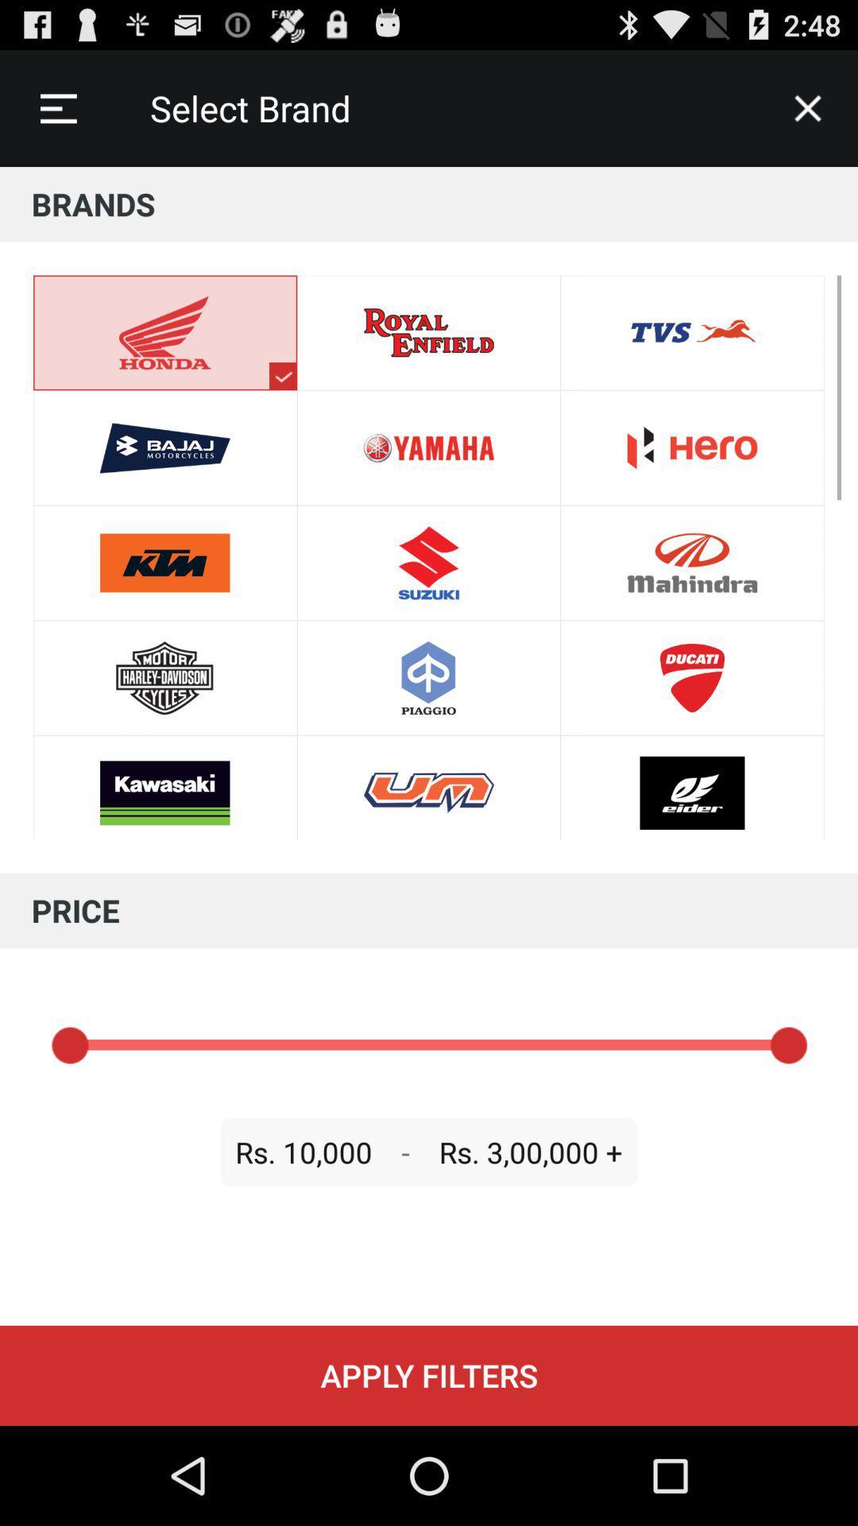  What do you see at coordinates (808, 107) in the screenshot?
I see `icon above brands item` at bounding box center [808, 107].